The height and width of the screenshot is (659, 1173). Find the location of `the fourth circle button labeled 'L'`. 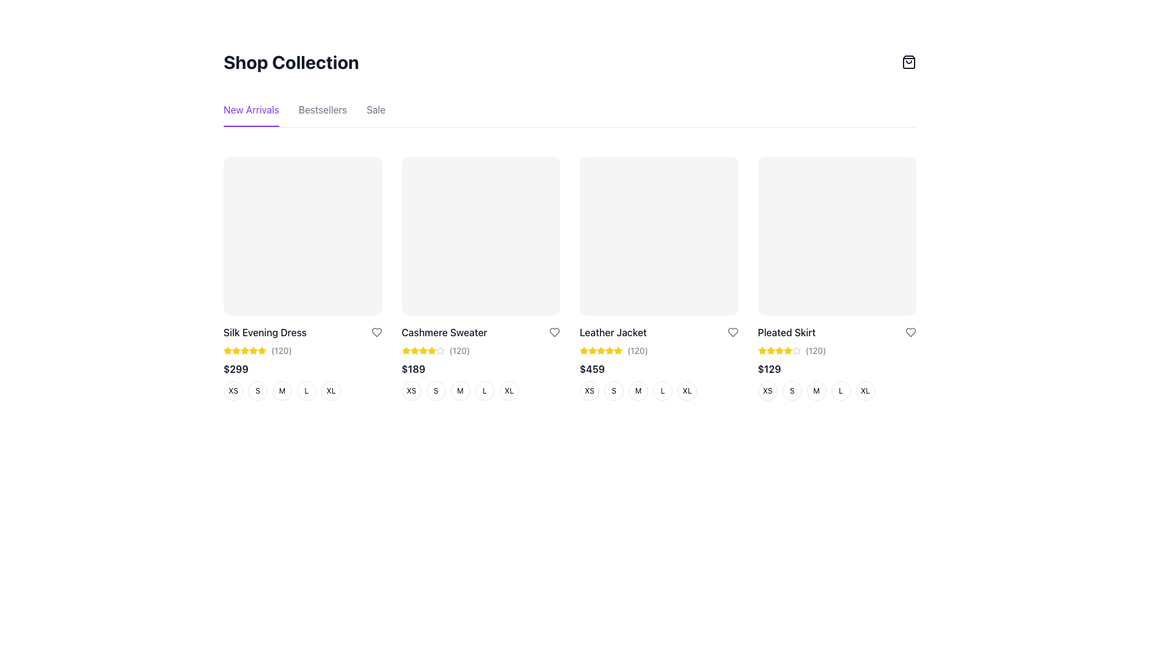

the fourth circle button labeled 'L' is located at coordinates (658, 391).